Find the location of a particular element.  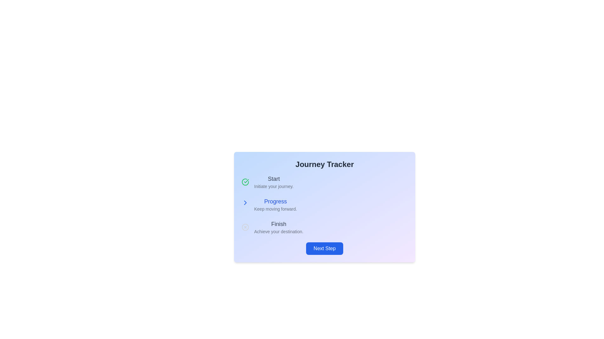

the text label that serves as the title for the final step in the journey tracker interface, which summarizes the conclusion of the process and is centrally aligned is located at coordinates (278, 223).